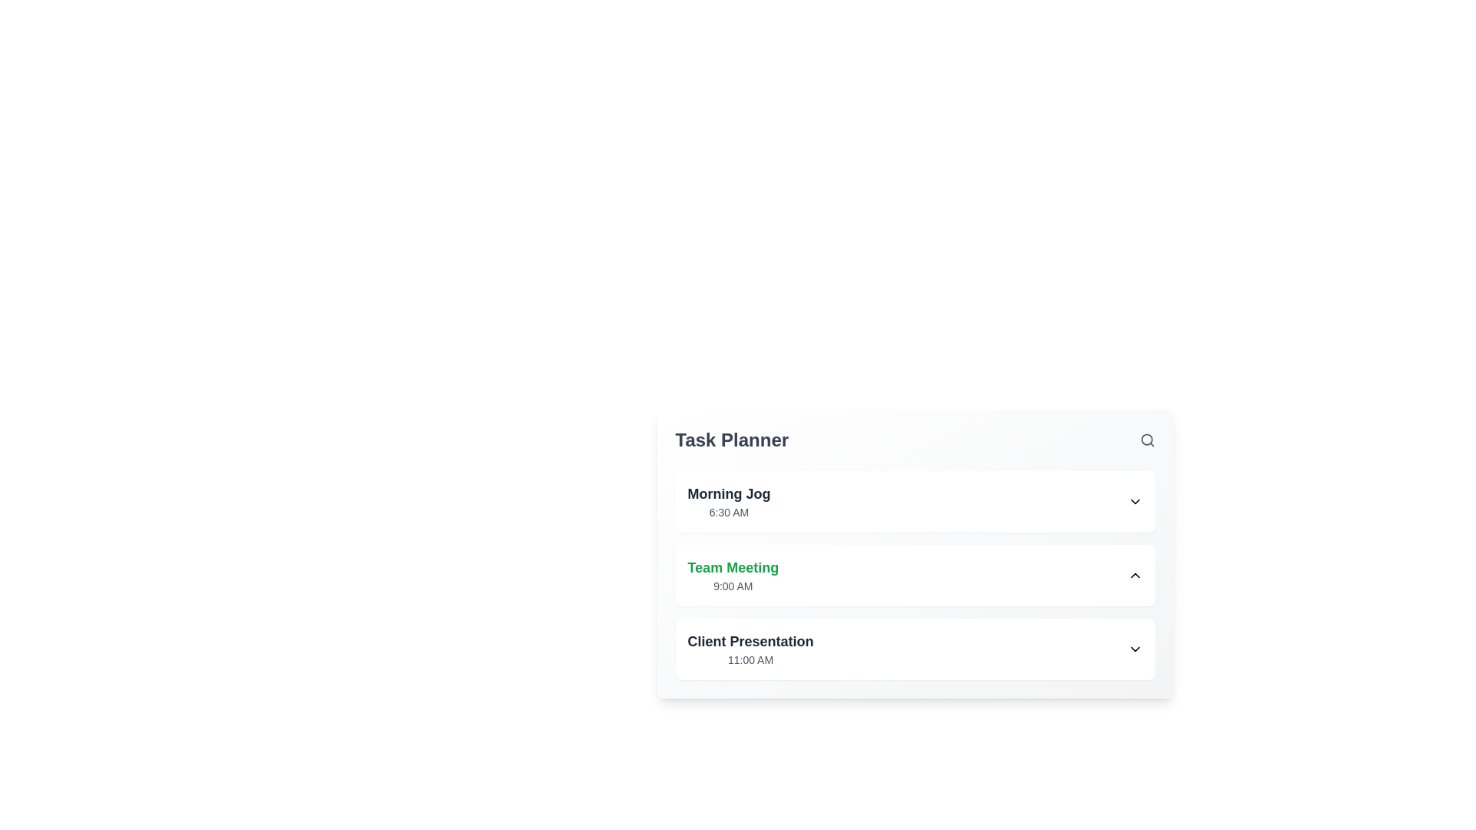 The width and height of the screenshot is (1476, 830). I want to click on the text label for the task entry 'Morning Jog' located in the 'Task Planner' section, which is positioned at the top-left corner of the first task card, so click(728, 494).